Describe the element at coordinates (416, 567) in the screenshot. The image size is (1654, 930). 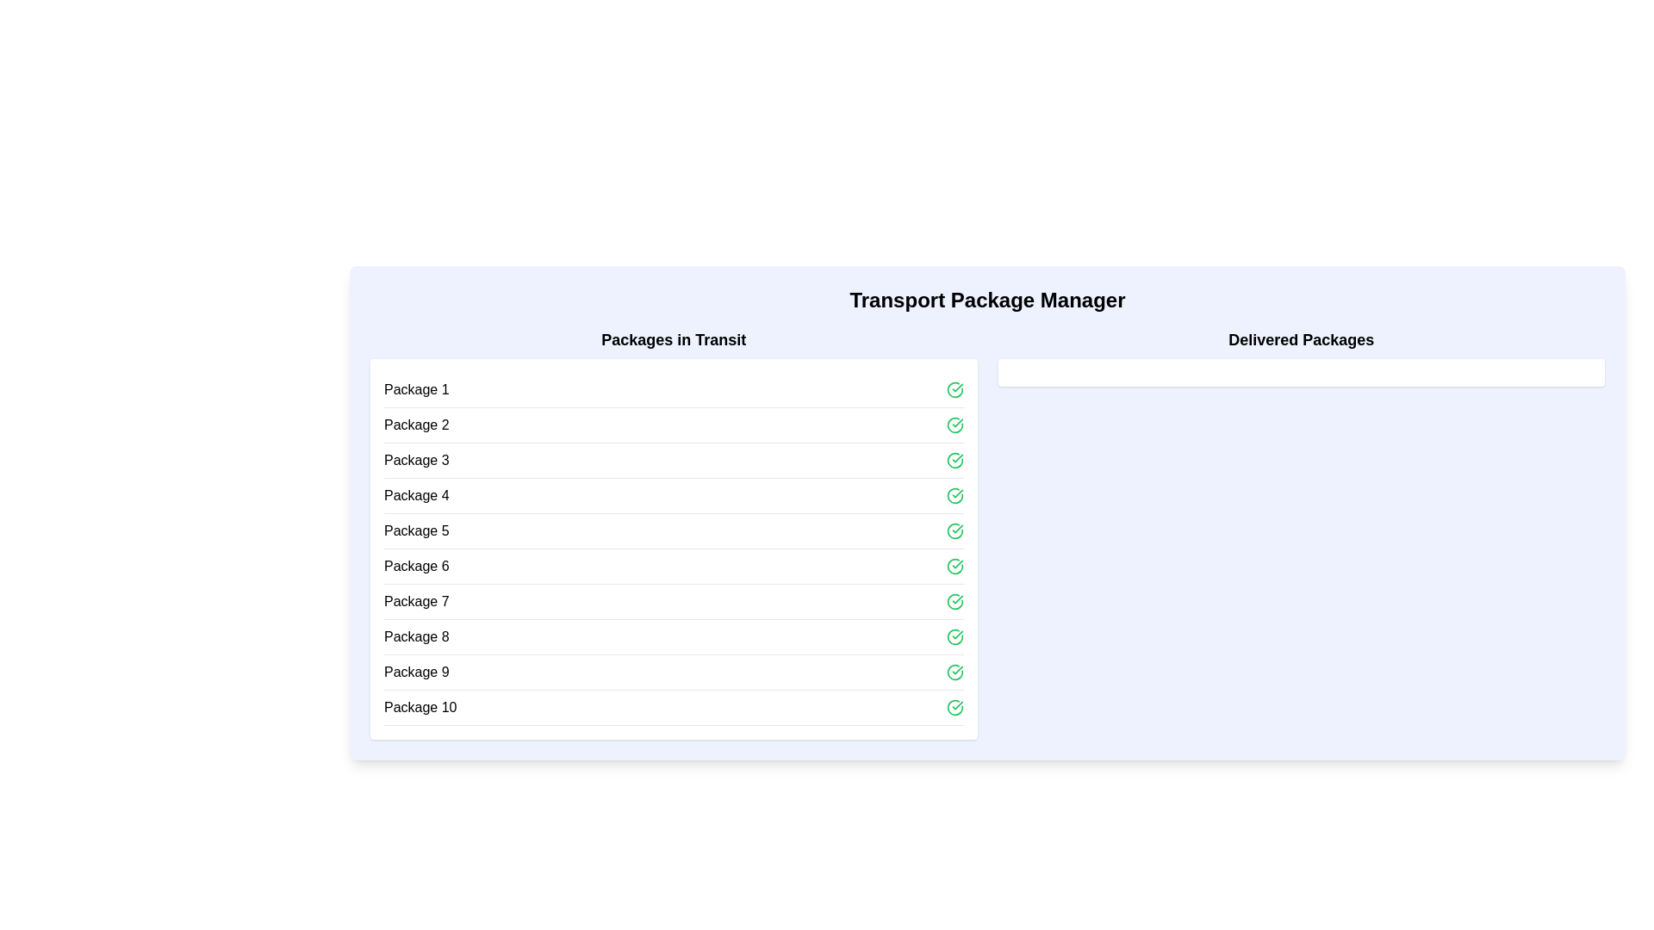
I see `the information of the sixth Text Label in the 'Packages in Transit' list, which identifies a specific package` at that location.